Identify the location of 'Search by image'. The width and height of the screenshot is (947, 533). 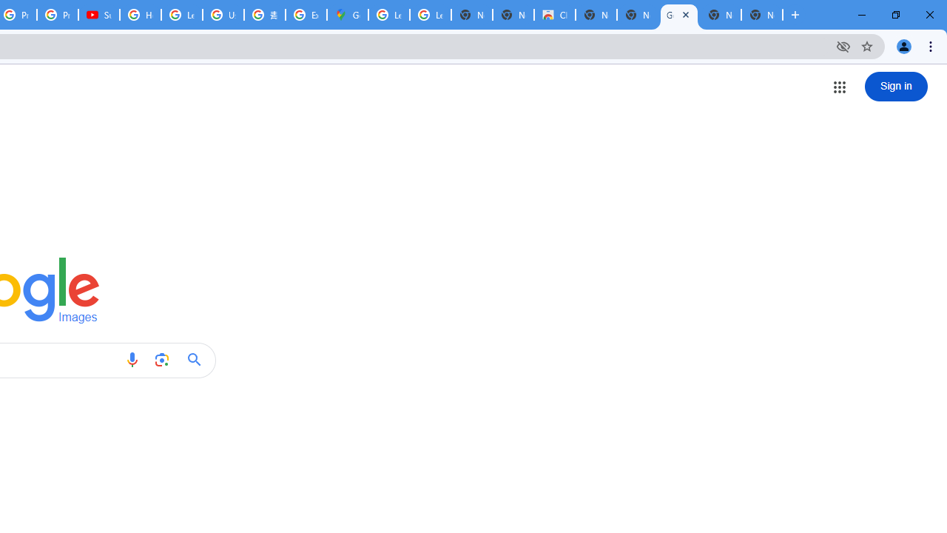
(161, 360).